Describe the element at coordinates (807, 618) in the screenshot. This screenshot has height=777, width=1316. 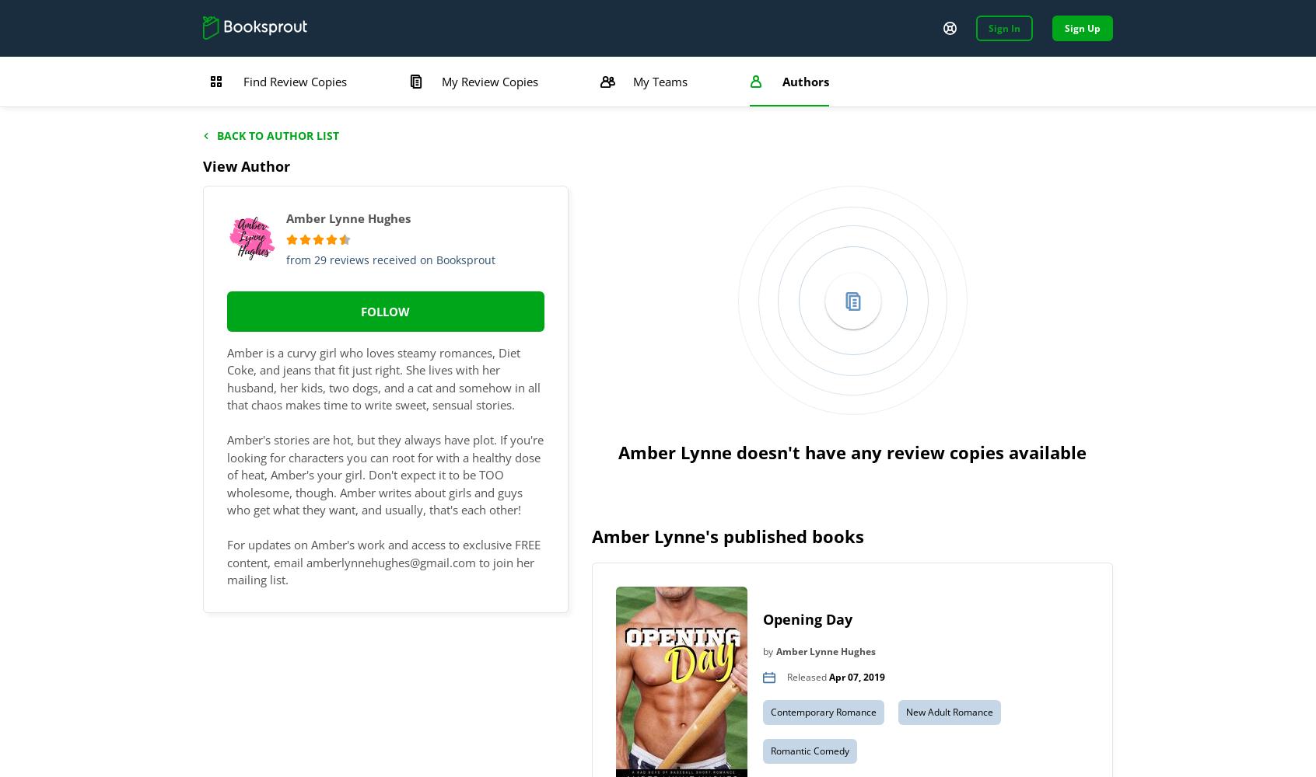
I see `'Opening Day'` at that location.